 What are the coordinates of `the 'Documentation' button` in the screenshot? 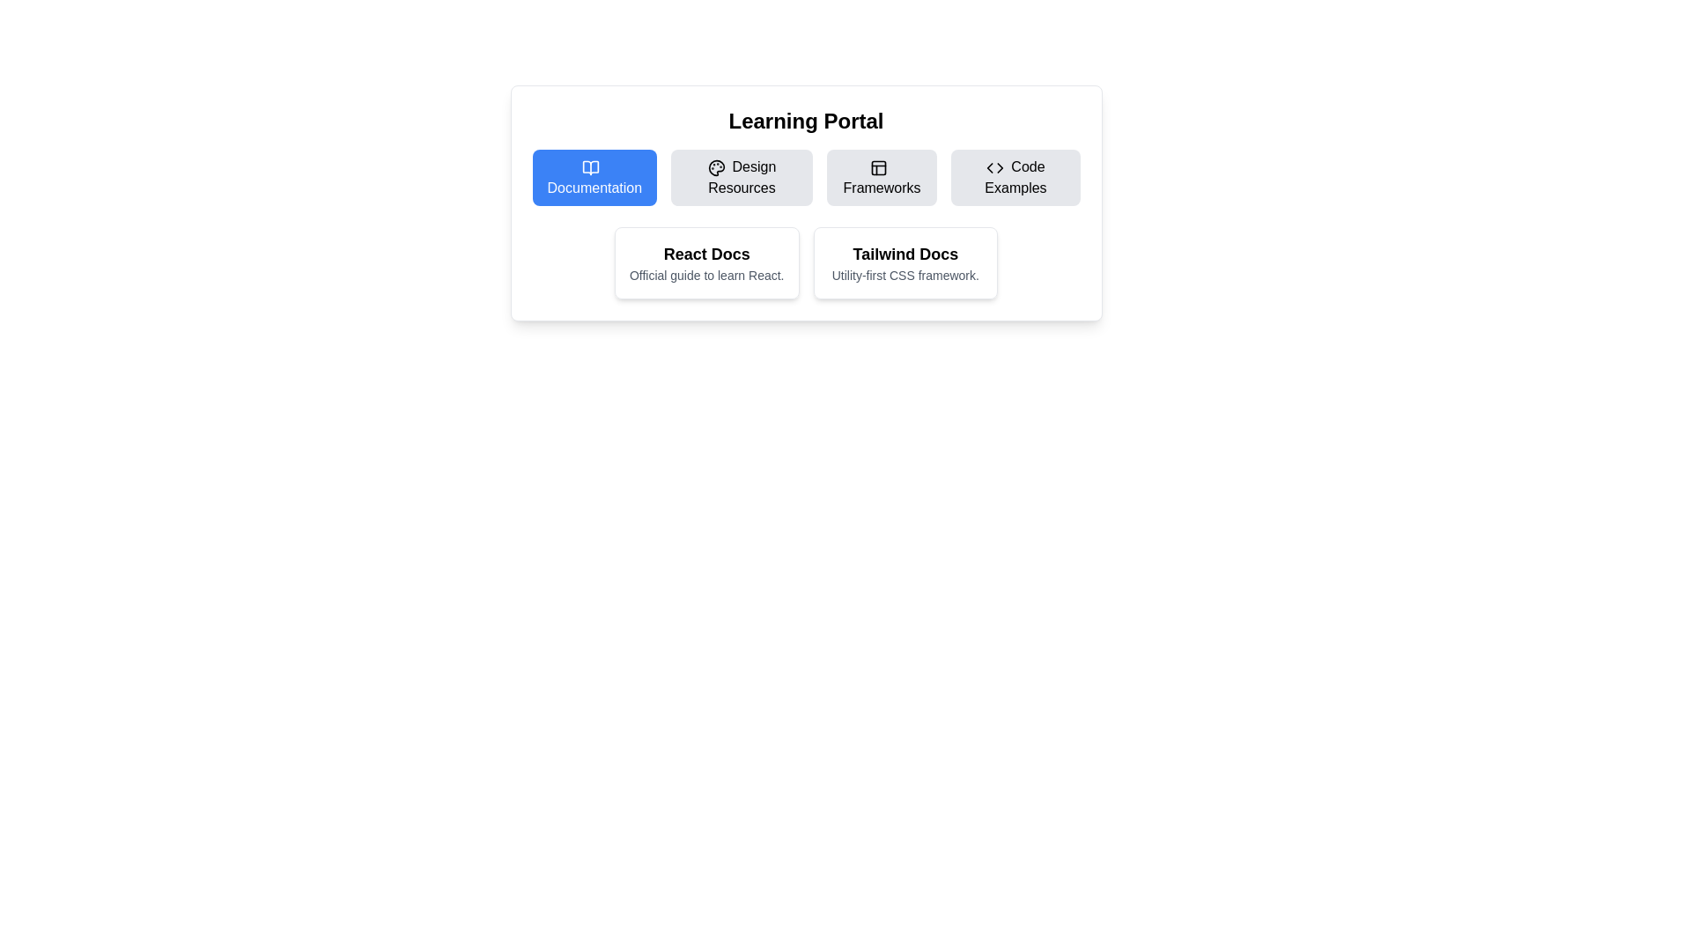 It's located at (594, 177).